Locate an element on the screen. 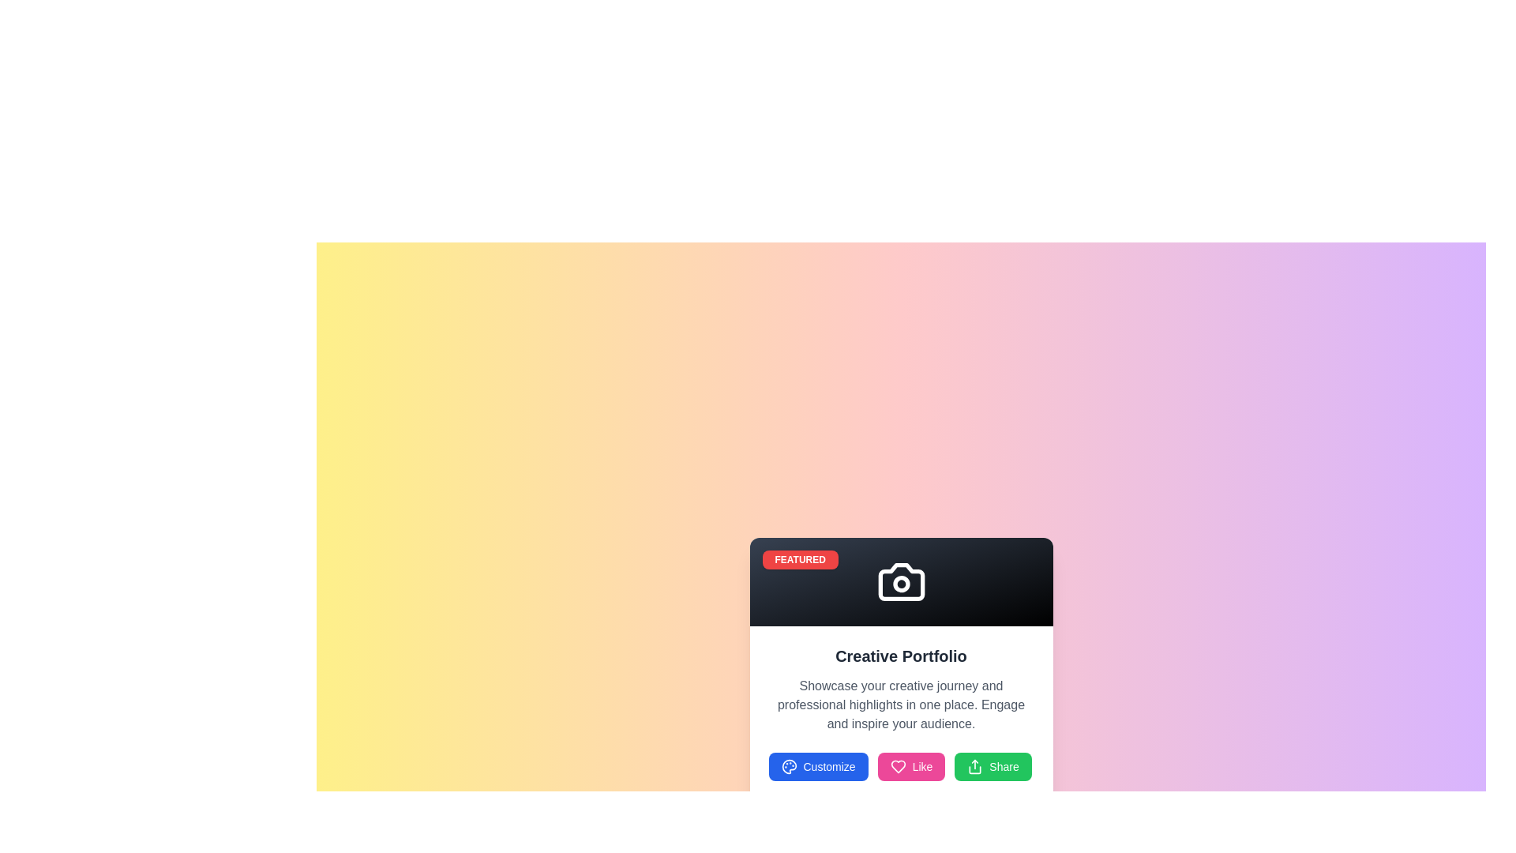 This screenshot has width=1516, height=853. the sharing icon located to the left of the text in the 'Share' button at the bottom right corner of the card-like component is located at coordinates (974, 766).